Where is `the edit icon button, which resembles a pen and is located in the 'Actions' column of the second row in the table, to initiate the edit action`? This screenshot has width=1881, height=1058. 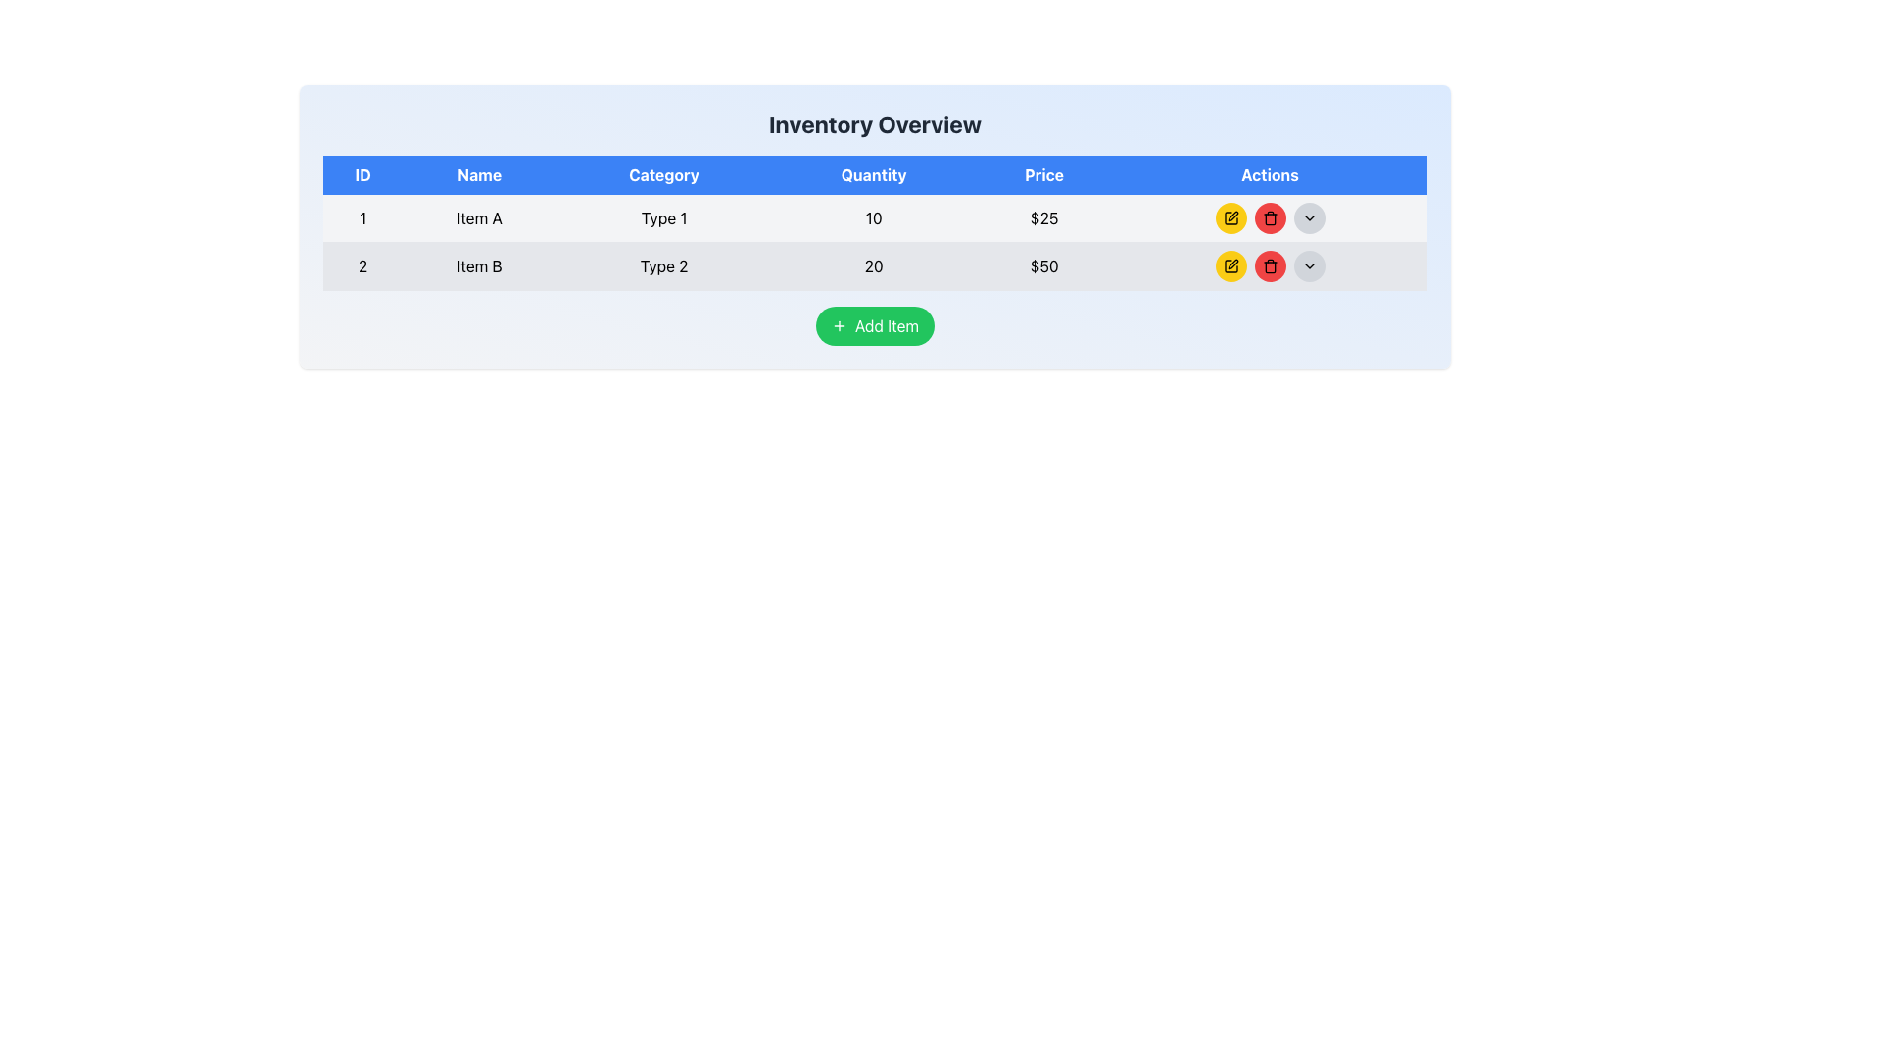 the edit icon button, which resembles a pen and is located in the 'Actions' column of the second row in the table, to initiate the edit action is located at coordinates (1230, 264).